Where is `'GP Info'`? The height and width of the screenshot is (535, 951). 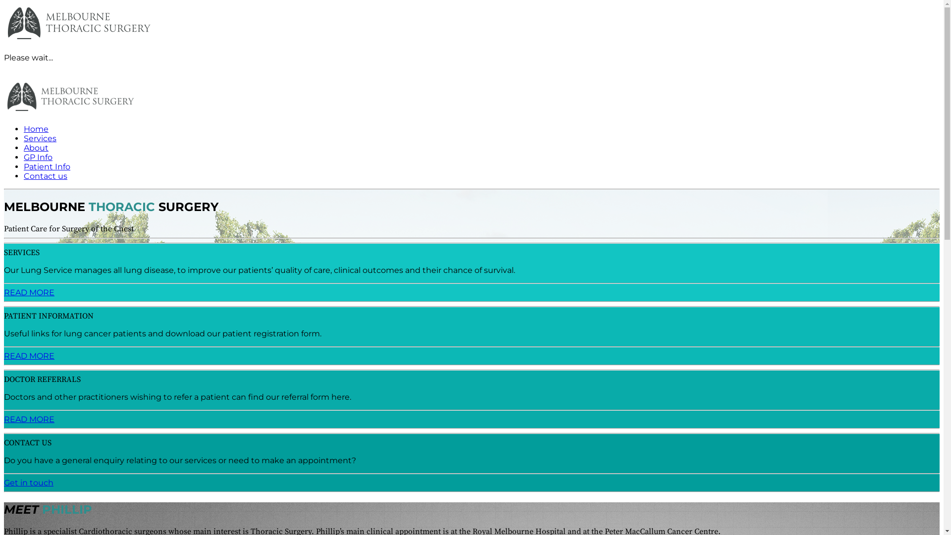 'GP Info' is located at coordinates (38, 157).